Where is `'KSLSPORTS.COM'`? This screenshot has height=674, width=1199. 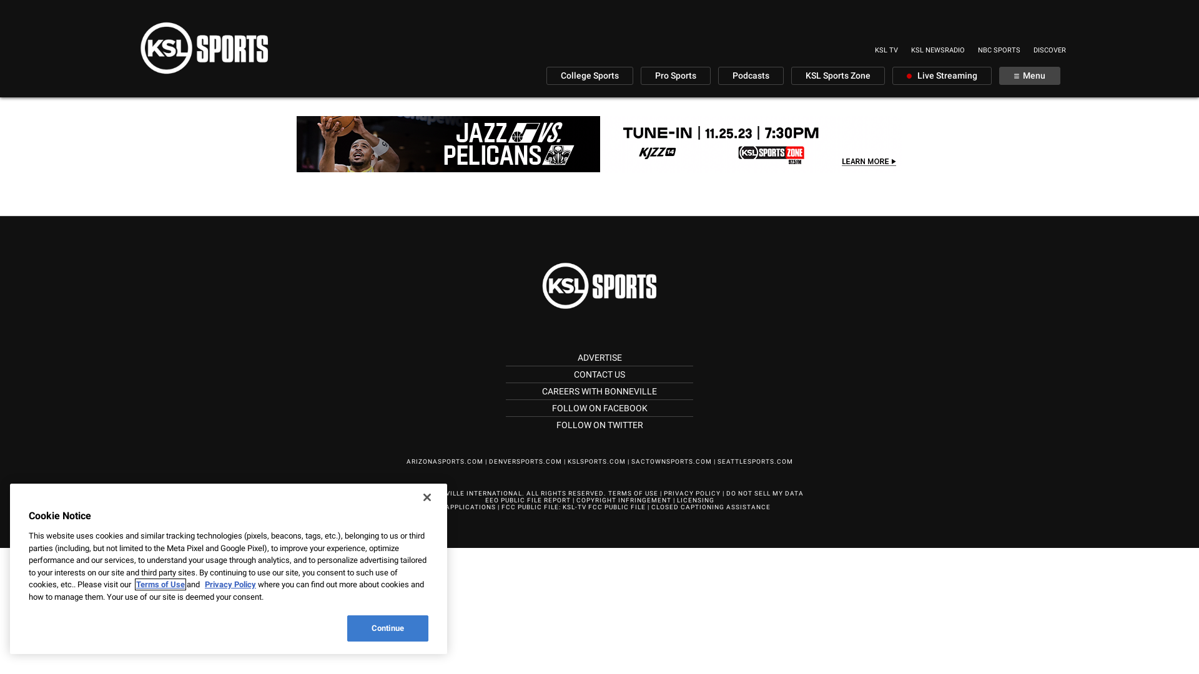 'KSLSPORTS.COM' is located at coordinates (566, 461).